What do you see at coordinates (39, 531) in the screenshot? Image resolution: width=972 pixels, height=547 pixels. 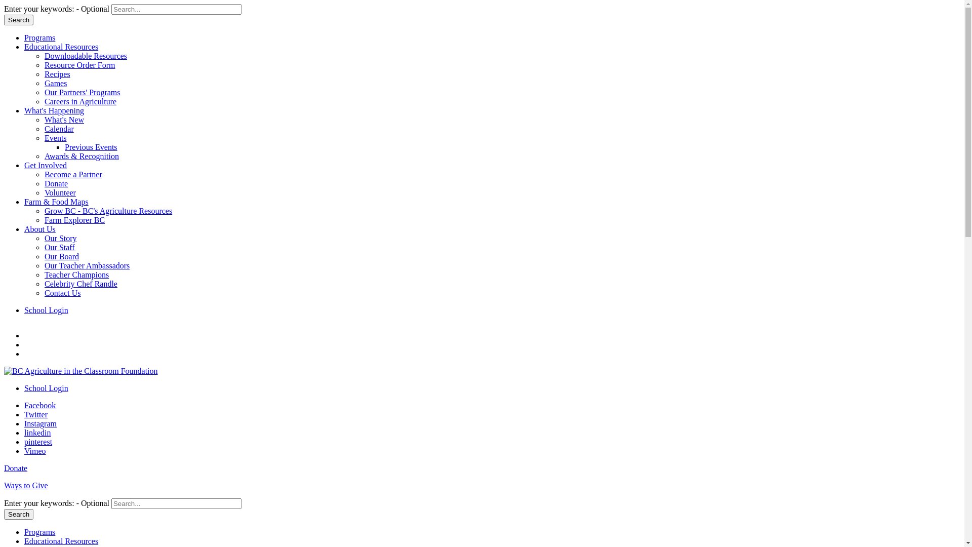 I see `'Programs'` at bounding box center [39, 531].